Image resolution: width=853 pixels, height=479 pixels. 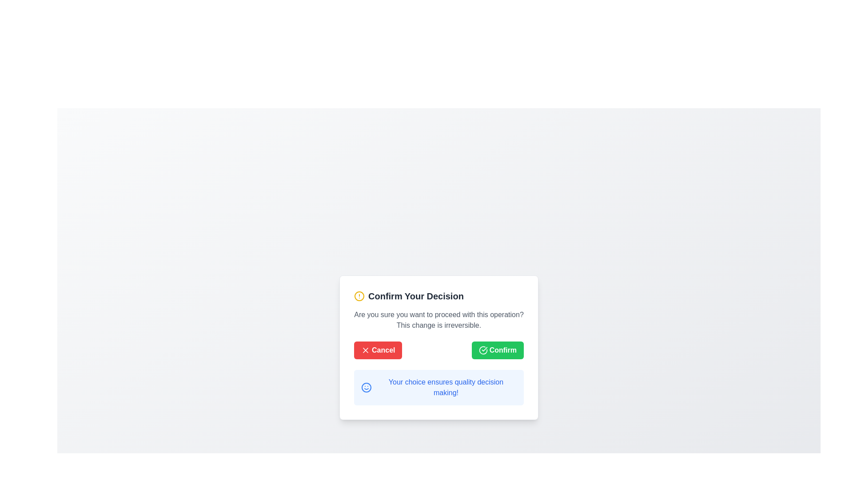 I want to click on the static text label that reads 'Your choice ensures quality decision making!' displayed in blue font, positioned at the bottom of the modal dialogue box, so click(x=446, y=387).